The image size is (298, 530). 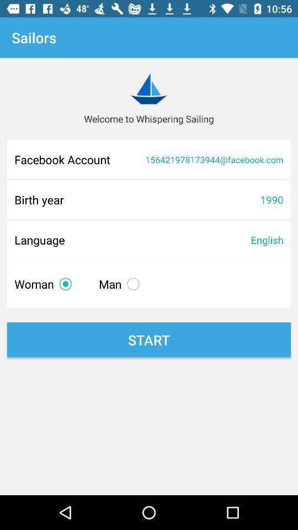 I want to click on the icon above the start icon, so click(x=121, y=283).